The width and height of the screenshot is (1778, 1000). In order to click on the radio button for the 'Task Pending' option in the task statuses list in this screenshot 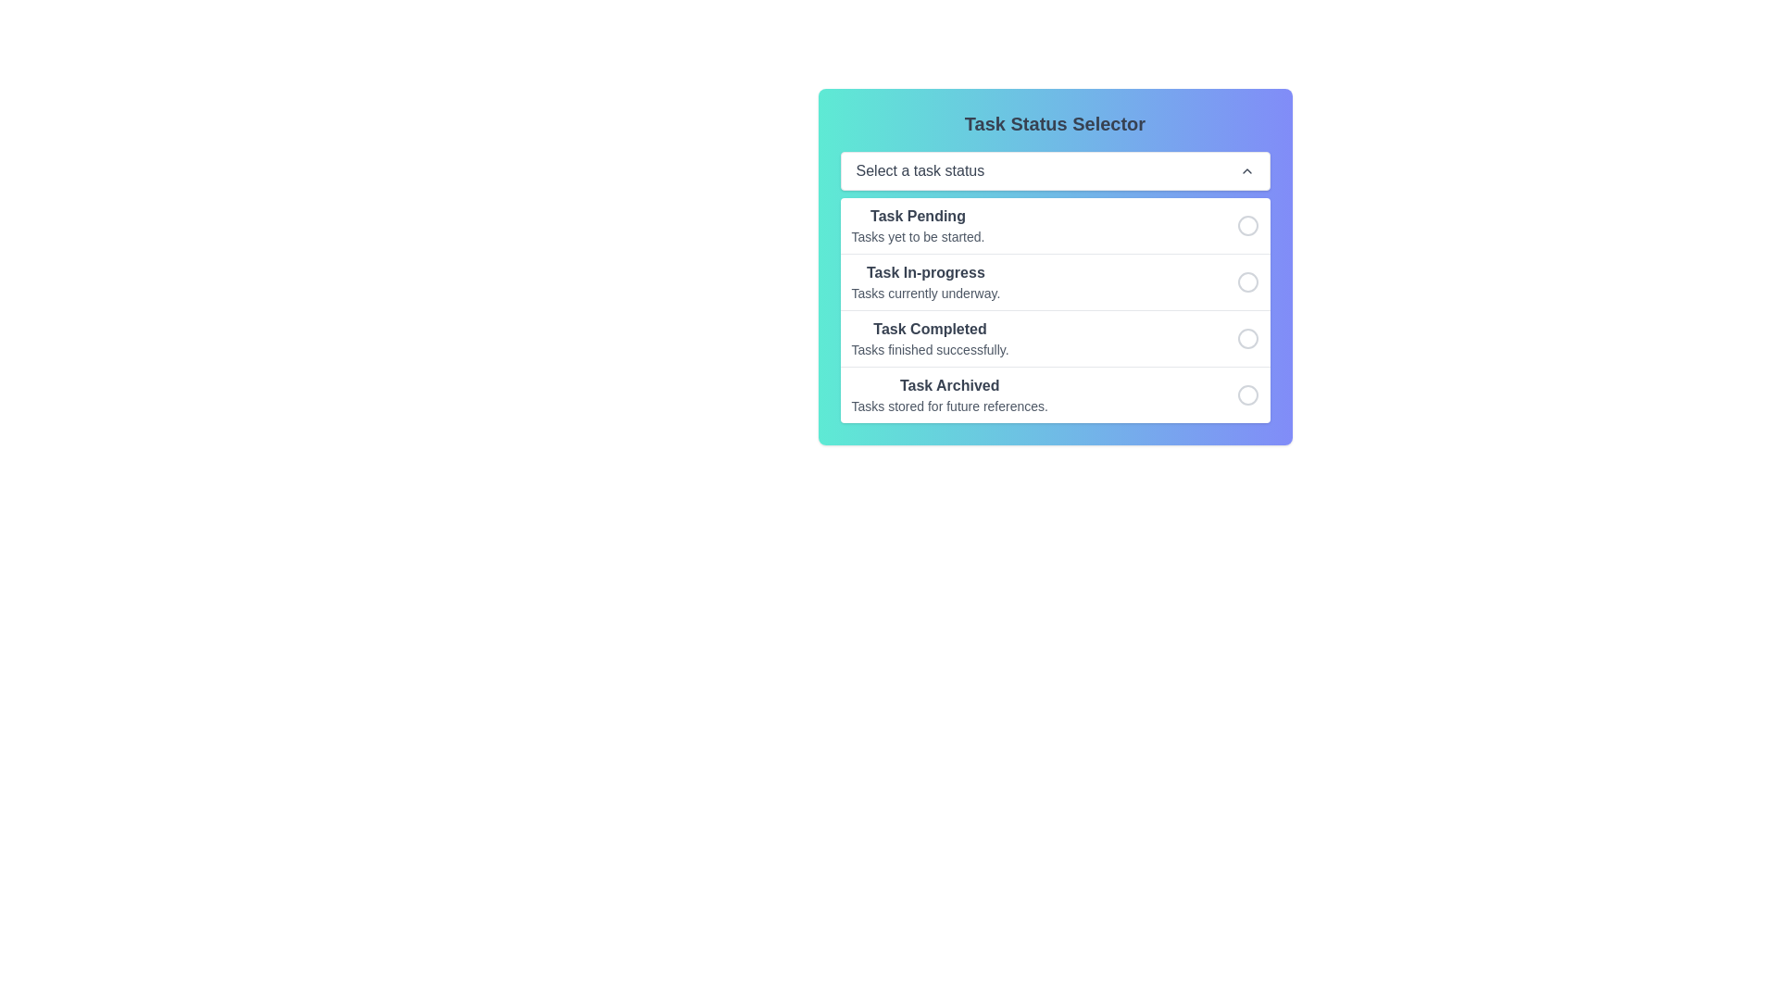, I will do `click(1247, 224)`.